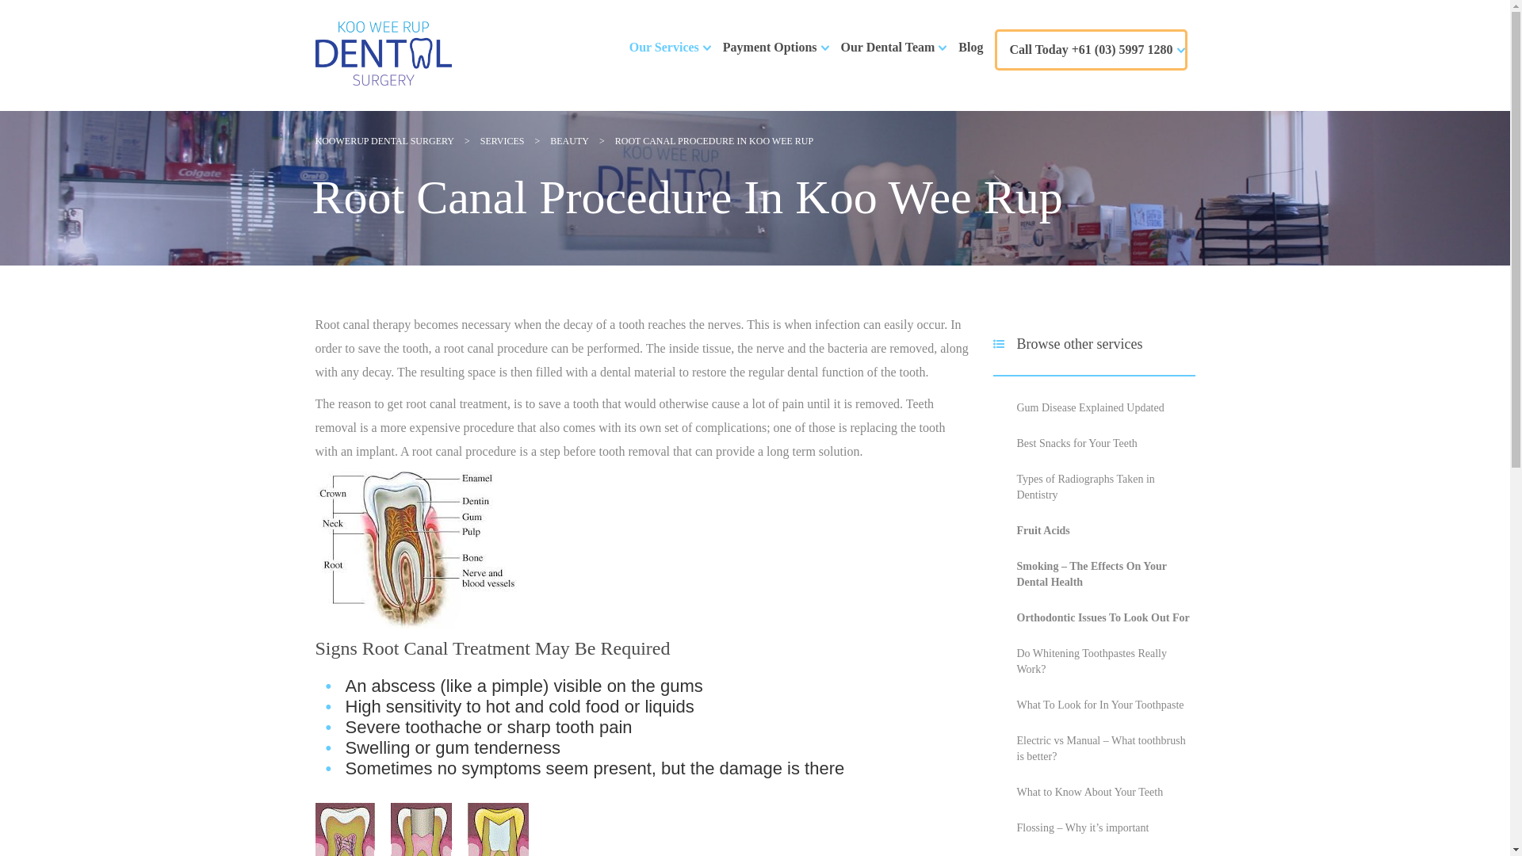 The image size is (1522, 856). What do you see at coordinates (628, 47) in the screenshot?
I see `'Our Services'` at bounding box center [628, 47].